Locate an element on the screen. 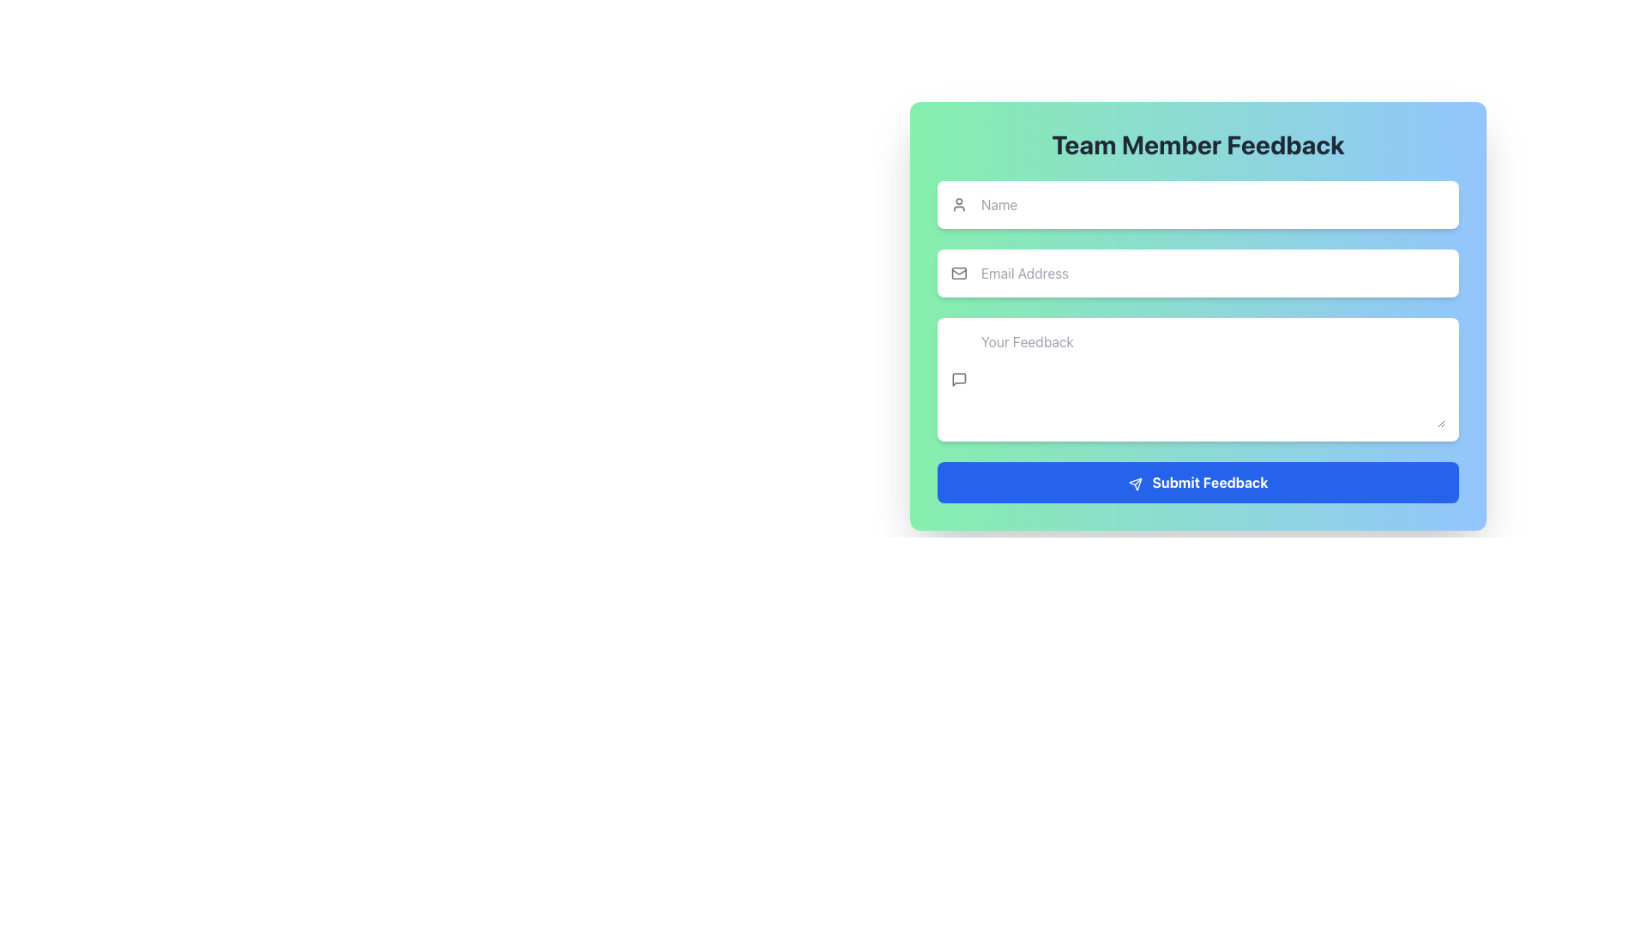  the email input field, which is the middle input field in a vertical stack of three, to focus for user input is located at coordinates (1197, 273).